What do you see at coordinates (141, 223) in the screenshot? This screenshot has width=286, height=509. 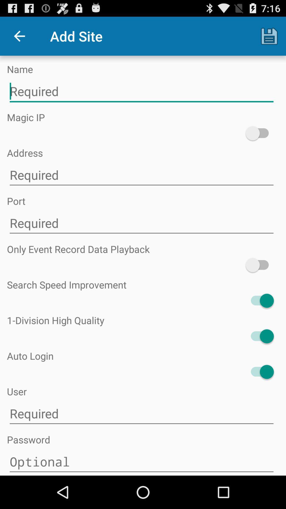 I see `required section` at bounding box center [141, 223].